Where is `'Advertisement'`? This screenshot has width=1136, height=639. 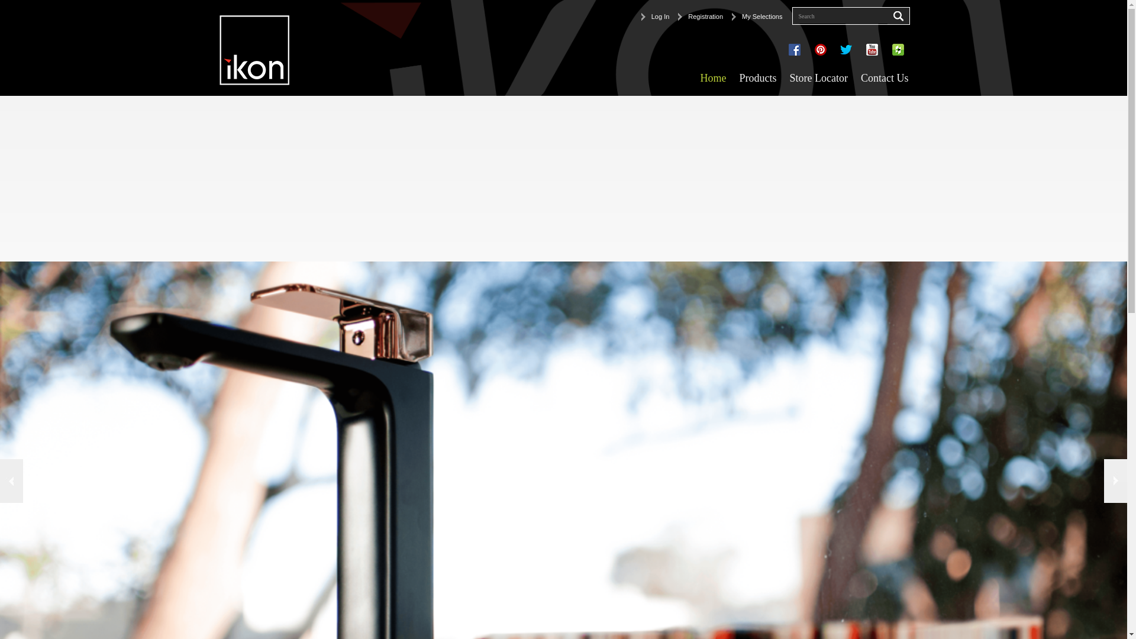
'Advertisement' is located at coordinates (354, 178).